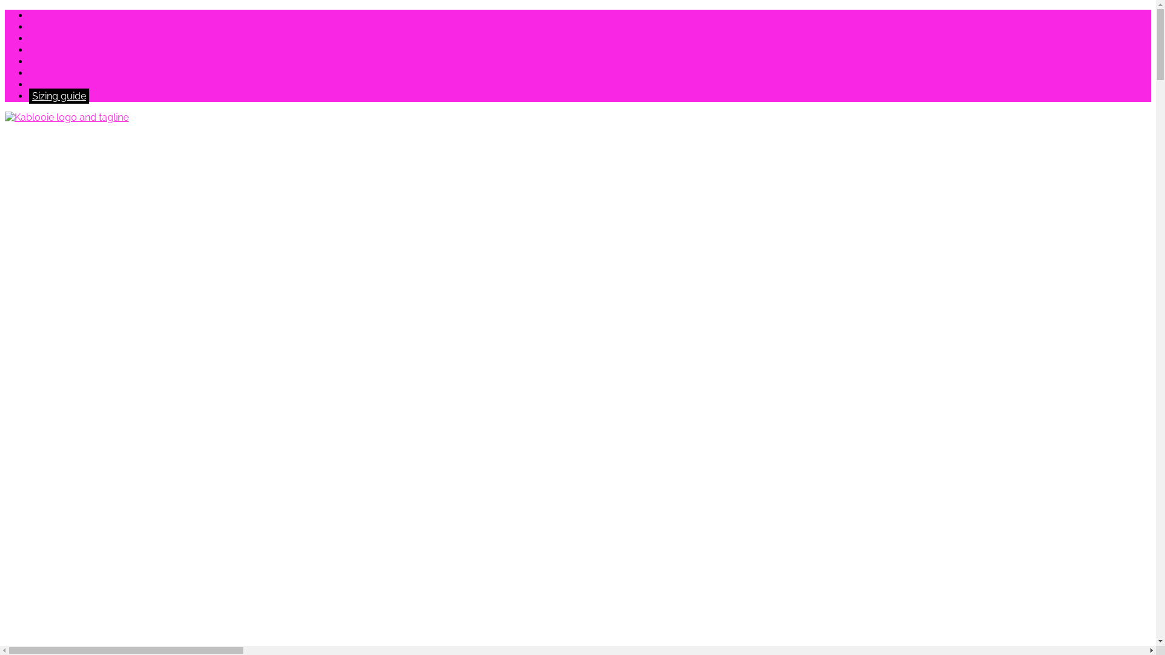 The height and width of the screenshot is (655, 1165). Describe the element at coordinates (70, 38) in the screenshot. I see `'How to Customise'` at that location.